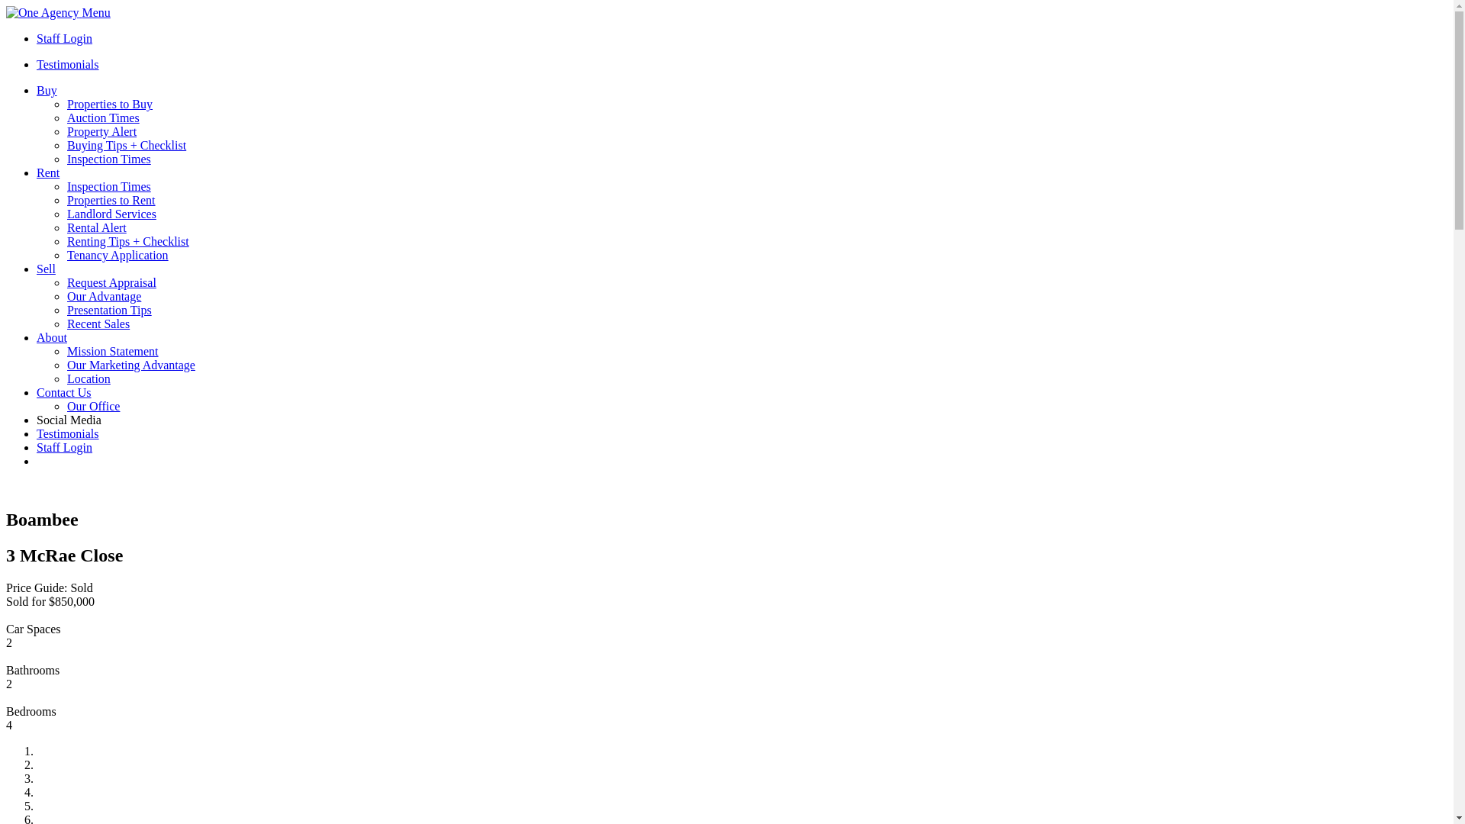 The image size is (1465, 824). Describe the element at coordinates (66, 117) in the screenshot. I see `'Auction Times'` at that location.